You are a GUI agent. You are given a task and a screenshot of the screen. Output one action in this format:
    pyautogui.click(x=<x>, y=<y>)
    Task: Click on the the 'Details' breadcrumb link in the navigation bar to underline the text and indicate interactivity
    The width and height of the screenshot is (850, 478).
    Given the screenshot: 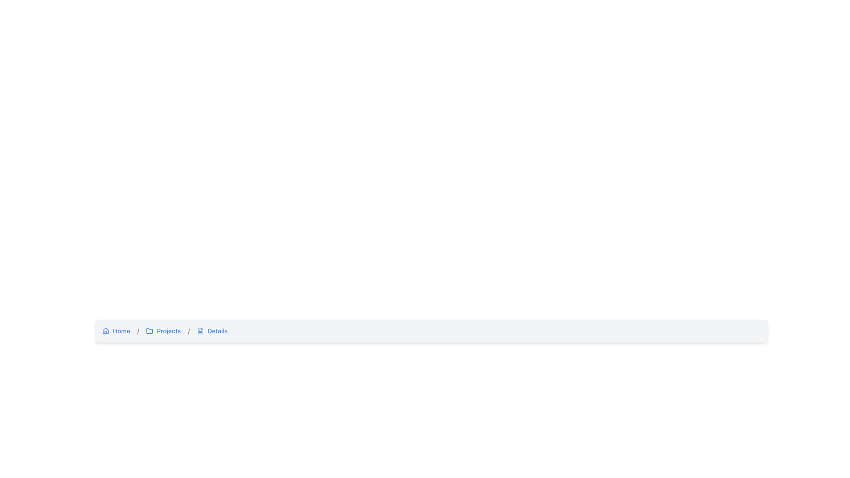 What is the action you would take?
    pyautogui.click(x=212, y=331)
    